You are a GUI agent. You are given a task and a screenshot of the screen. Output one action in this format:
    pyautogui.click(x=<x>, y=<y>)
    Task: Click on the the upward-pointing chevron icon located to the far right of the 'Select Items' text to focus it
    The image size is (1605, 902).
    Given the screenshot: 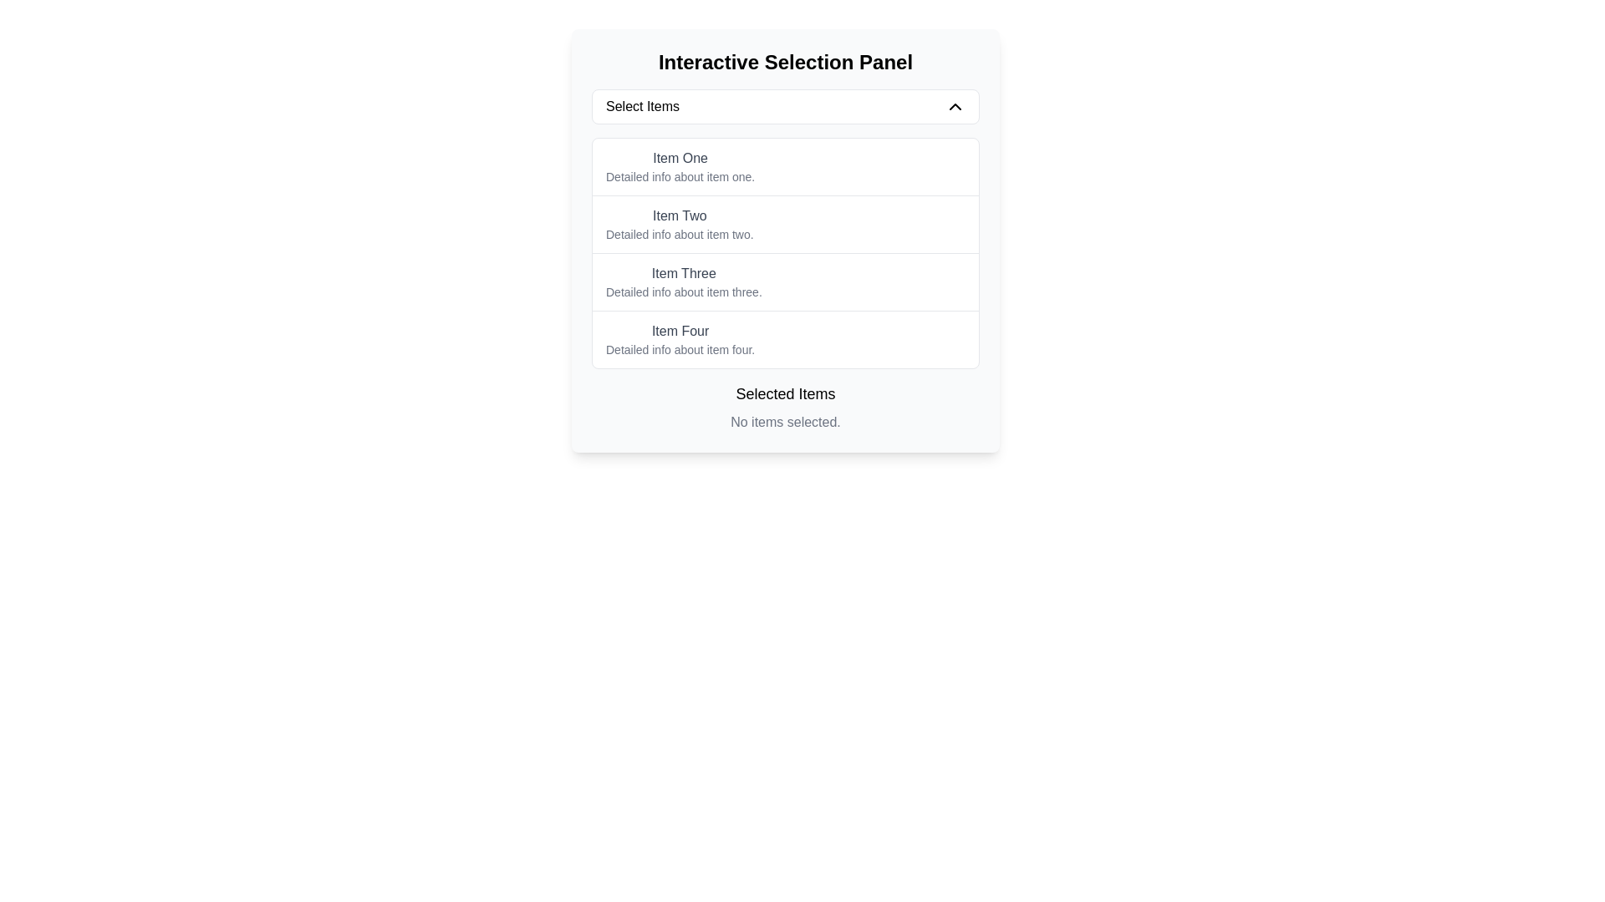 What is the action you would take?
    pyautogui.click(x=955, y=106)
    